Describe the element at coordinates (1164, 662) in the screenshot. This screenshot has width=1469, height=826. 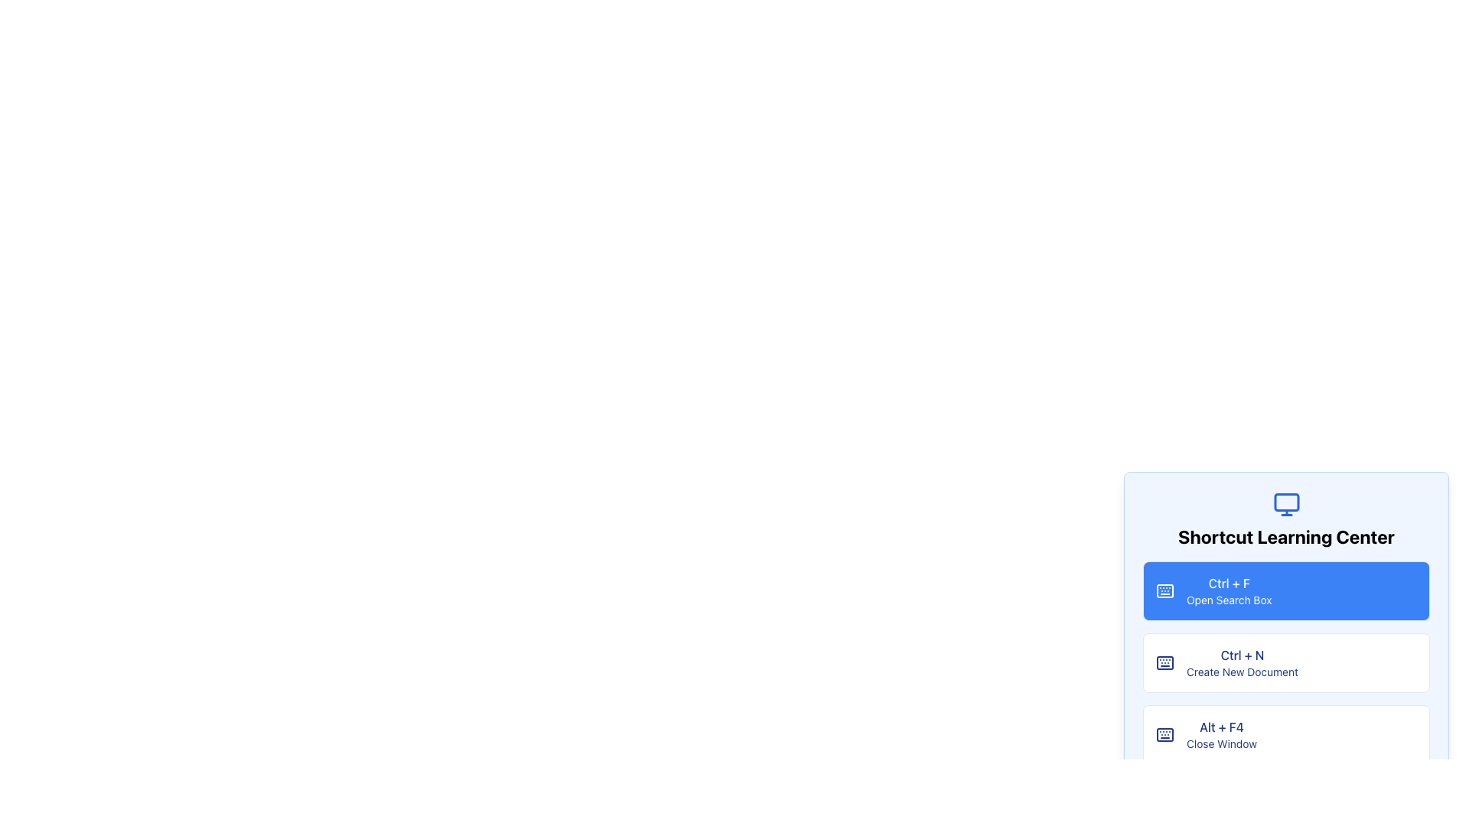
I see `the SVG Rectangle background element of the keyboard icon located within the blue button labeled 'Ctrl + F' in the 'Shortcut Learning Center' section` at that location.